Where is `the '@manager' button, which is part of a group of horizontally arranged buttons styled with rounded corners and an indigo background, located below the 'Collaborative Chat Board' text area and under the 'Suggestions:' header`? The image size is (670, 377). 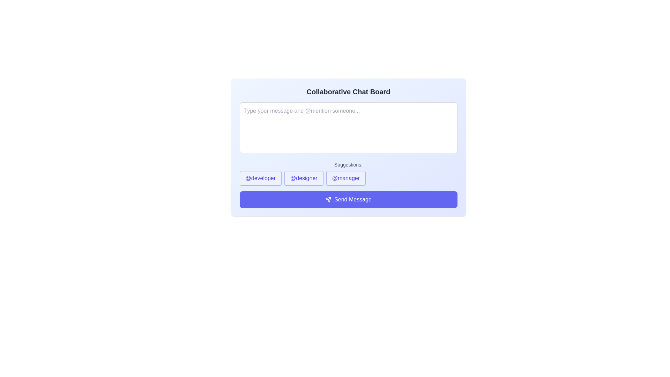
the '@manager' button, which is part of a group of horizontally arranged buttons styled with rounded corners and an indigo background, located below the 'Collaborative Chat Board' text area and under the 'Suggestions:' header is located at coordinates (348, 178).